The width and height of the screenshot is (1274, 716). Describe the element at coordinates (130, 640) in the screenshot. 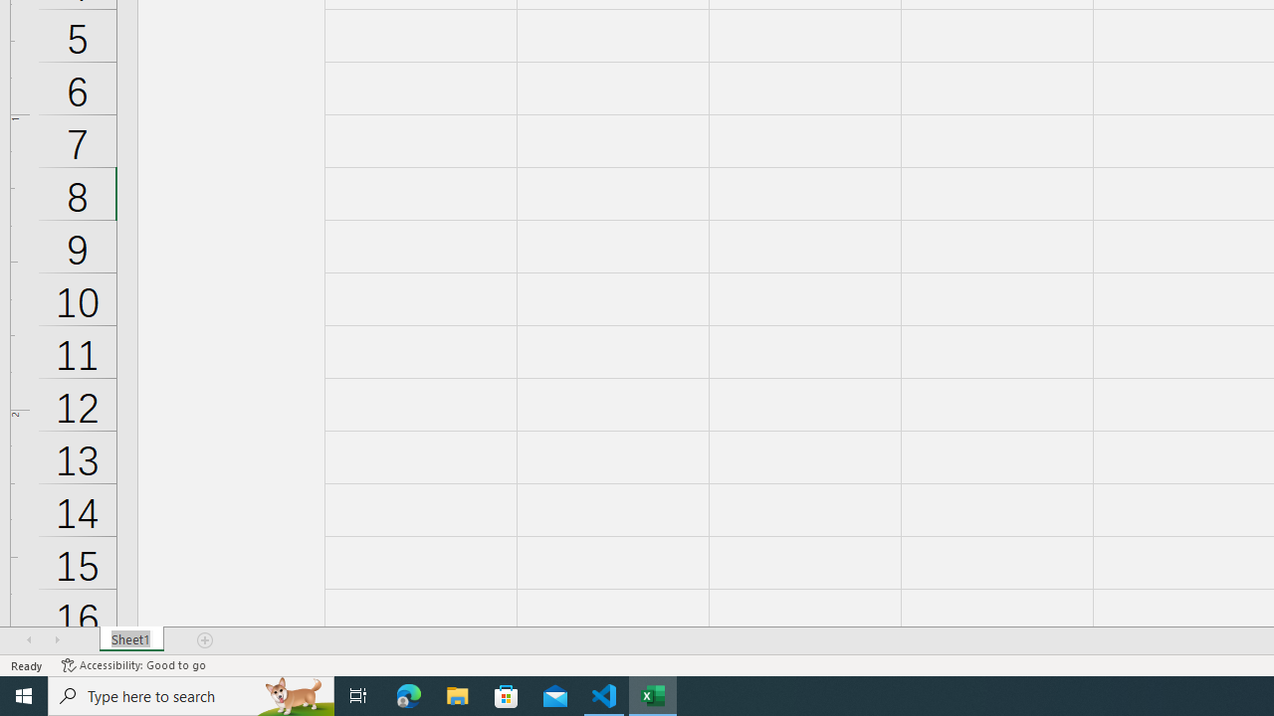

I see `'Sheet Tab'` at that location.